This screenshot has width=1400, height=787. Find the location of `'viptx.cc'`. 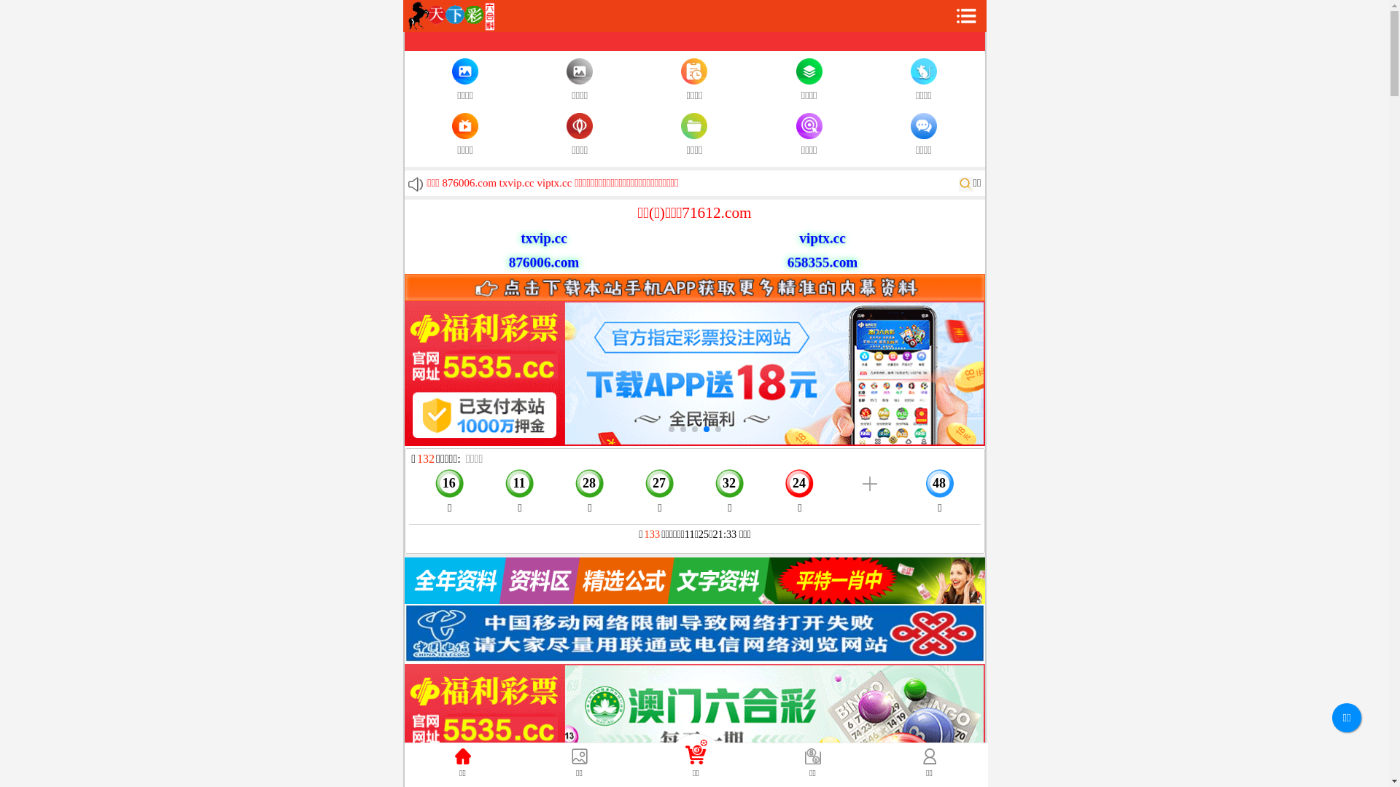

'viptx.cc' is located at coordinates (818, 237).